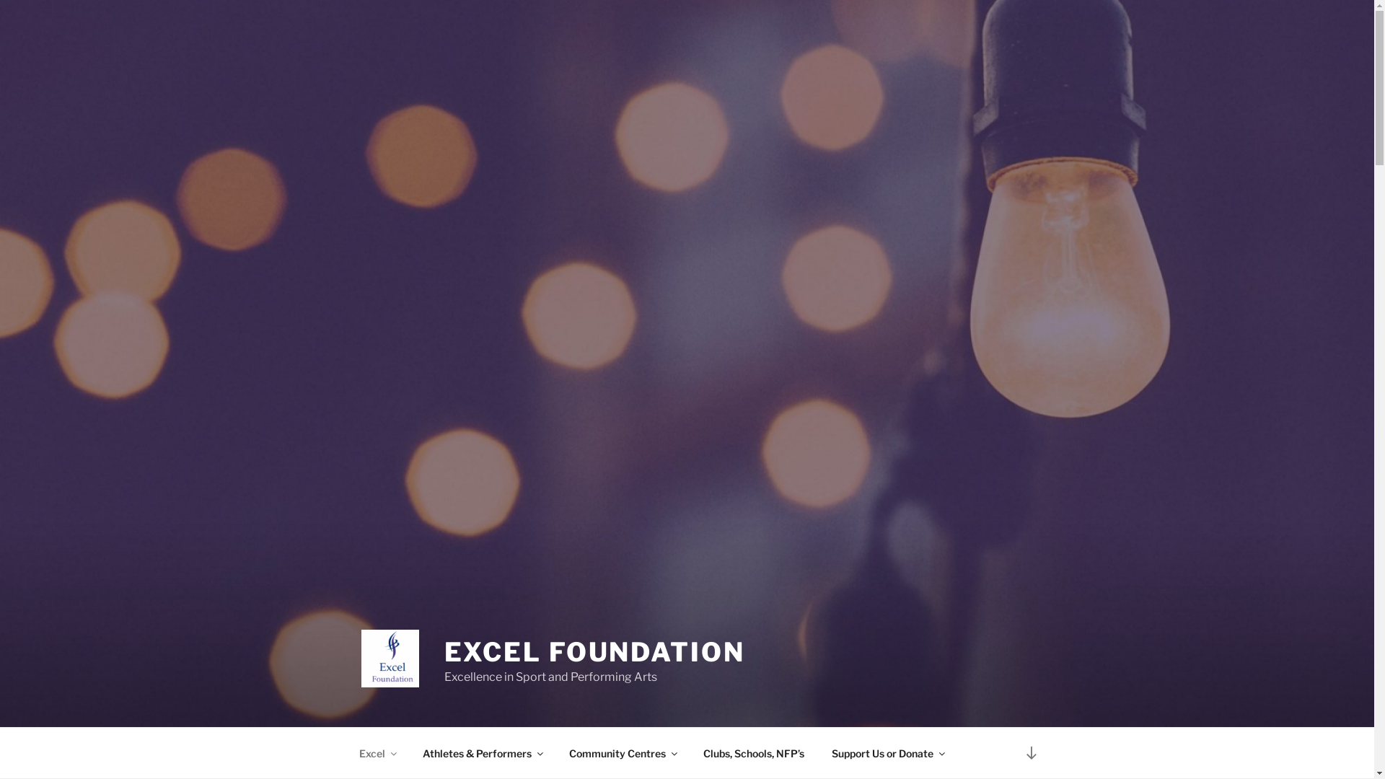 The width and height of the screenshot is (1385, 779). What do you see at coordinates (1030, 752) in the screenshot?
I see `'Scroll down to content'` at bounding box center [1030, 752].